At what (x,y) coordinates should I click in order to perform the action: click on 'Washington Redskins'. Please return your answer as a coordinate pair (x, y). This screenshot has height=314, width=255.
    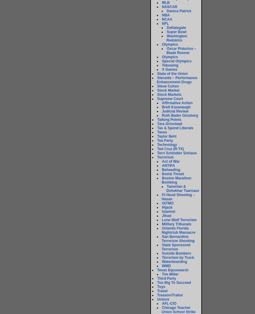
    Looking at the image, I should click on (166, 38).